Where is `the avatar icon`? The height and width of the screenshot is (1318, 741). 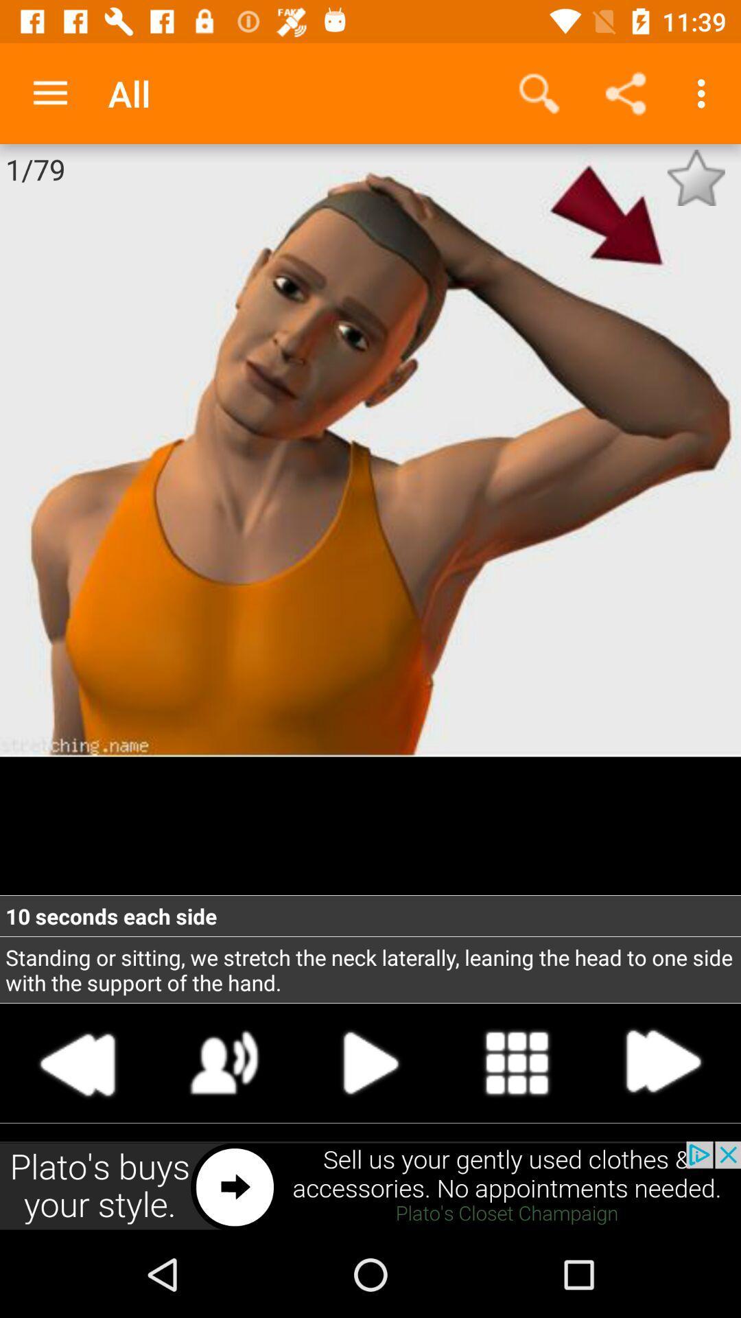 the avatar icon is located at coordinates (224, 1062).